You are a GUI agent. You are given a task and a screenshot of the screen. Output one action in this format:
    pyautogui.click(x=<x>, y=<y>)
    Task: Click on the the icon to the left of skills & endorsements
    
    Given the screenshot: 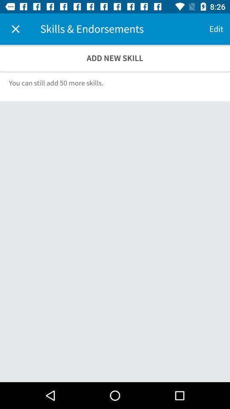 What is the action you would take?
    pyautogui.click(x=15, y=29)
    